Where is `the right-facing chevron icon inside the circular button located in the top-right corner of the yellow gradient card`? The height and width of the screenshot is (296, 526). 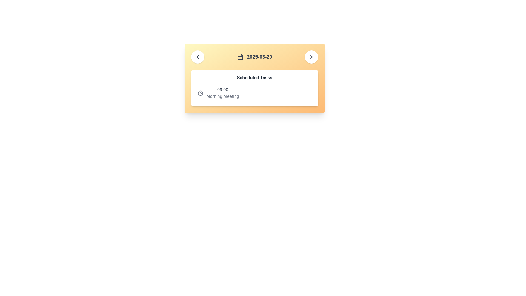 the right-facing chevron icon inside the circular button located in the top-right corner of the yellow gradient card is located at coordinates (311, 57).